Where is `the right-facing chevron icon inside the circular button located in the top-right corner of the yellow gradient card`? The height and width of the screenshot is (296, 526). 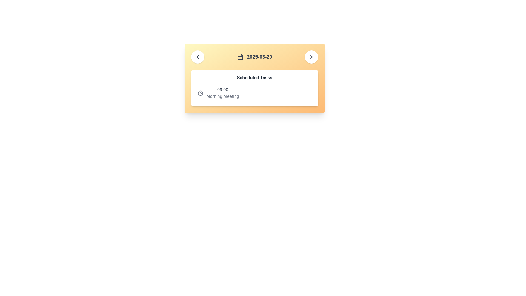 the right-facing chevron icon inside the circular button located in the top-right corner of the yellow gradient card is located at coordinates (311, 57).